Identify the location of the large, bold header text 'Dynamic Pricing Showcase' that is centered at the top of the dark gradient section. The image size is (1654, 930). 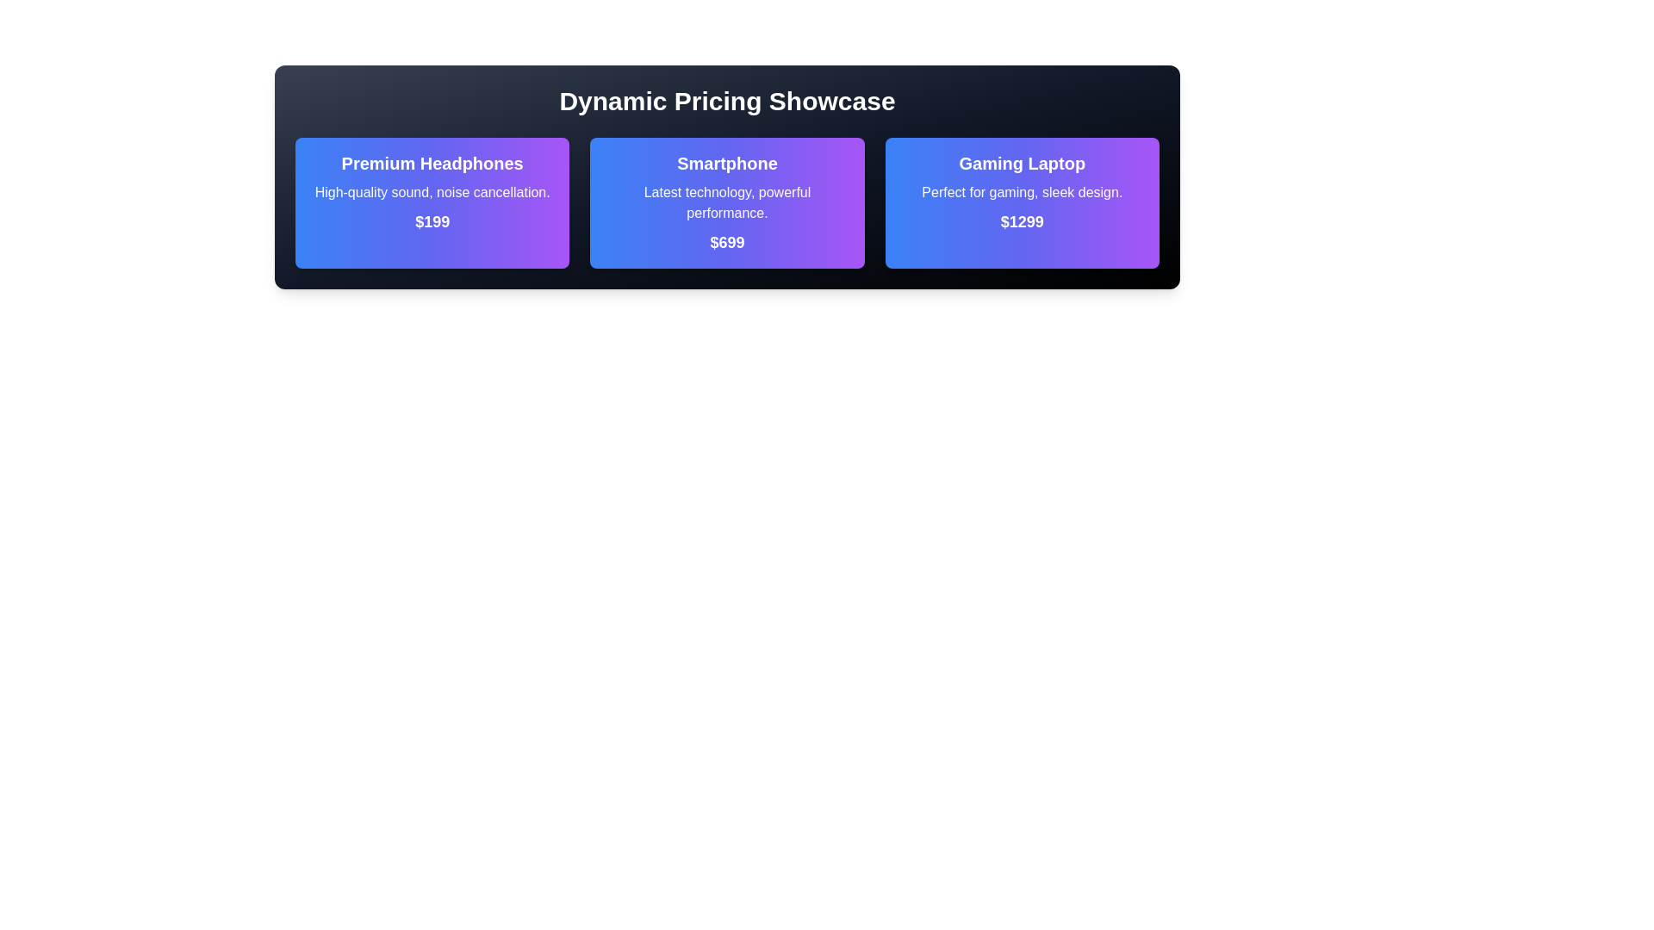
(727, 102).